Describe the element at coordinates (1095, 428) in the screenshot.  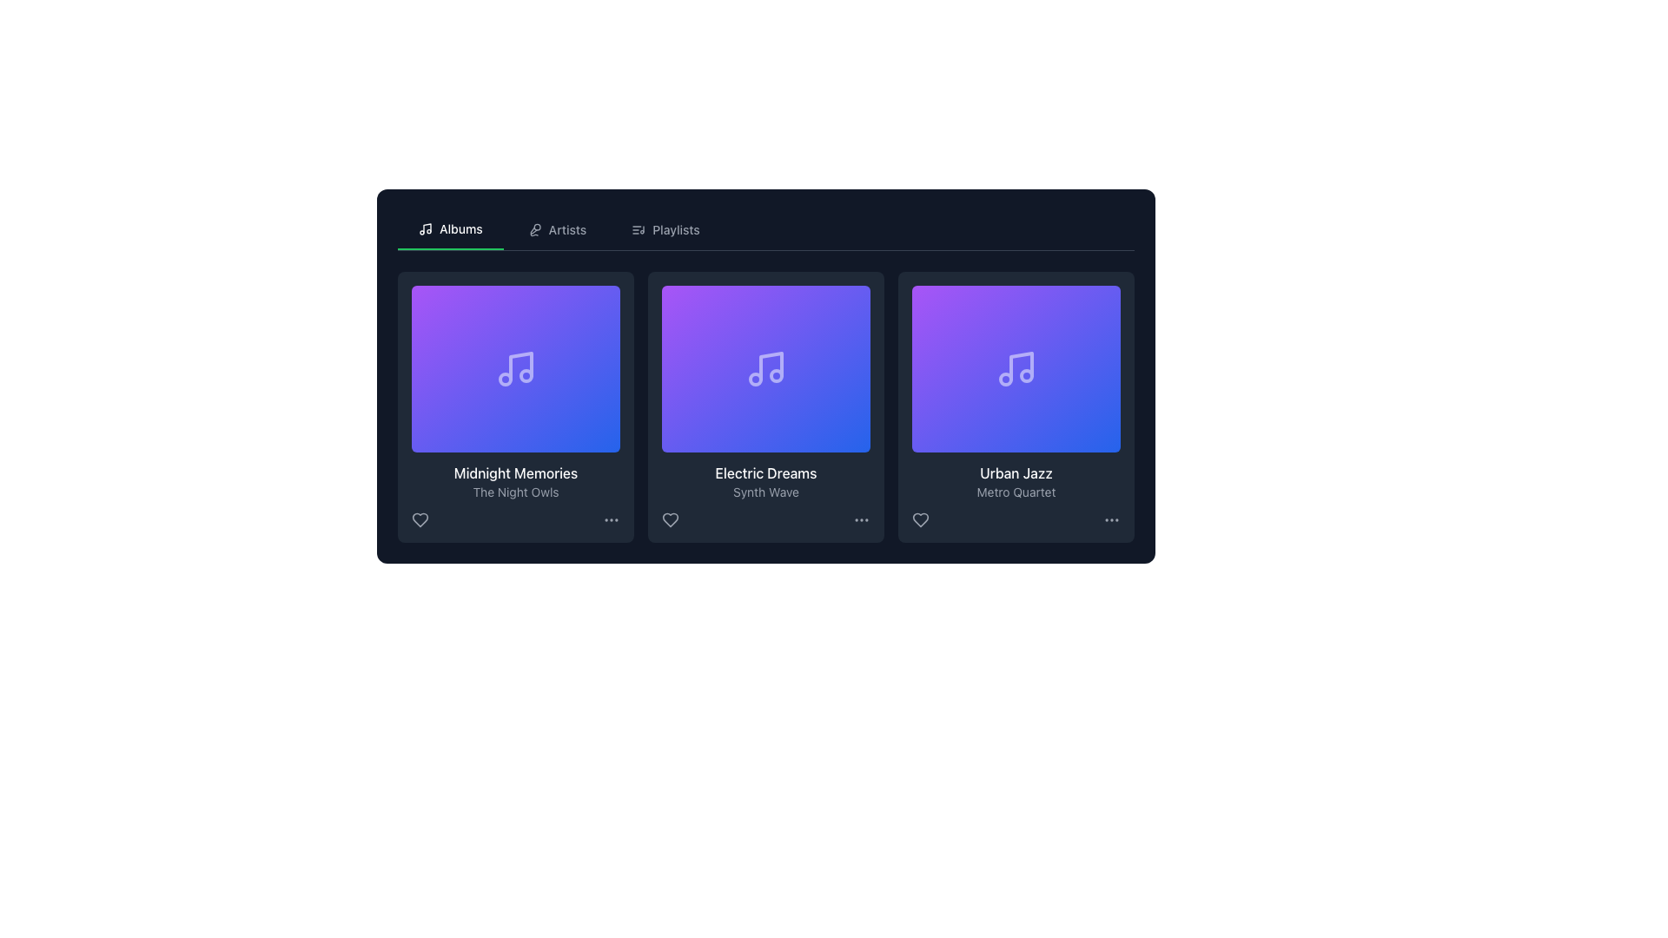
I see `the play button located in the bottom-right corner of the 'Urban Jazz' card` at that location.